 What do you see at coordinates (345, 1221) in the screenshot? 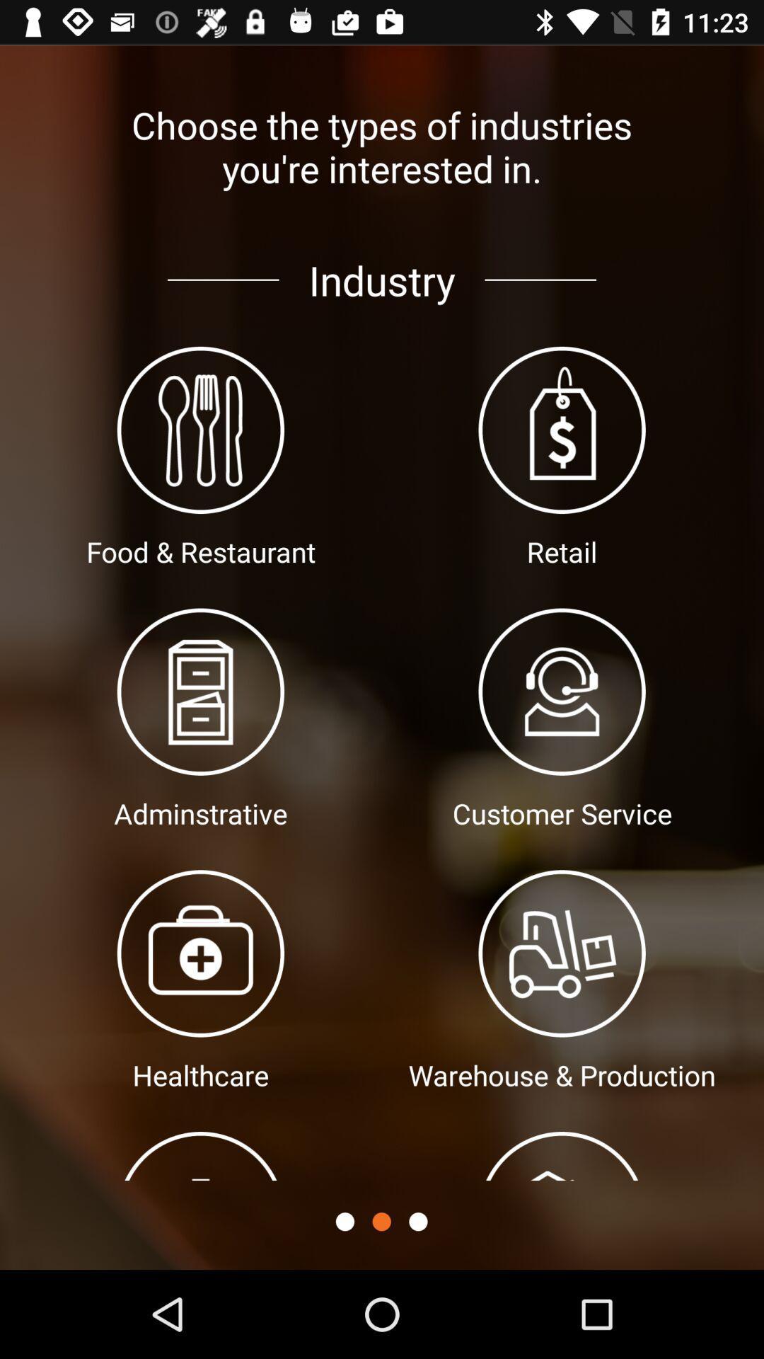
I see `icon below industry item` at bounding box center [345, 1221].